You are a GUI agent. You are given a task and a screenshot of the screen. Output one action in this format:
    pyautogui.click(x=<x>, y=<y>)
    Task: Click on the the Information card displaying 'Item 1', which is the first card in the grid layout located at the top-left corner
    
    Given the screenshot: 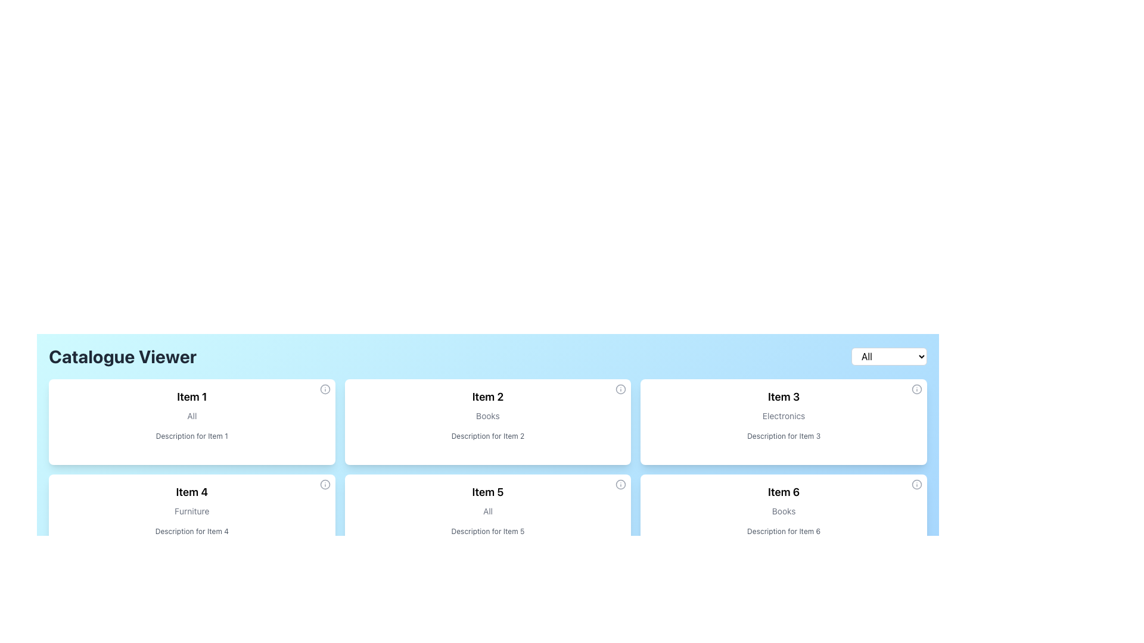 What is the action you would take?
    pyautogui.click(x=191, y=422)
    